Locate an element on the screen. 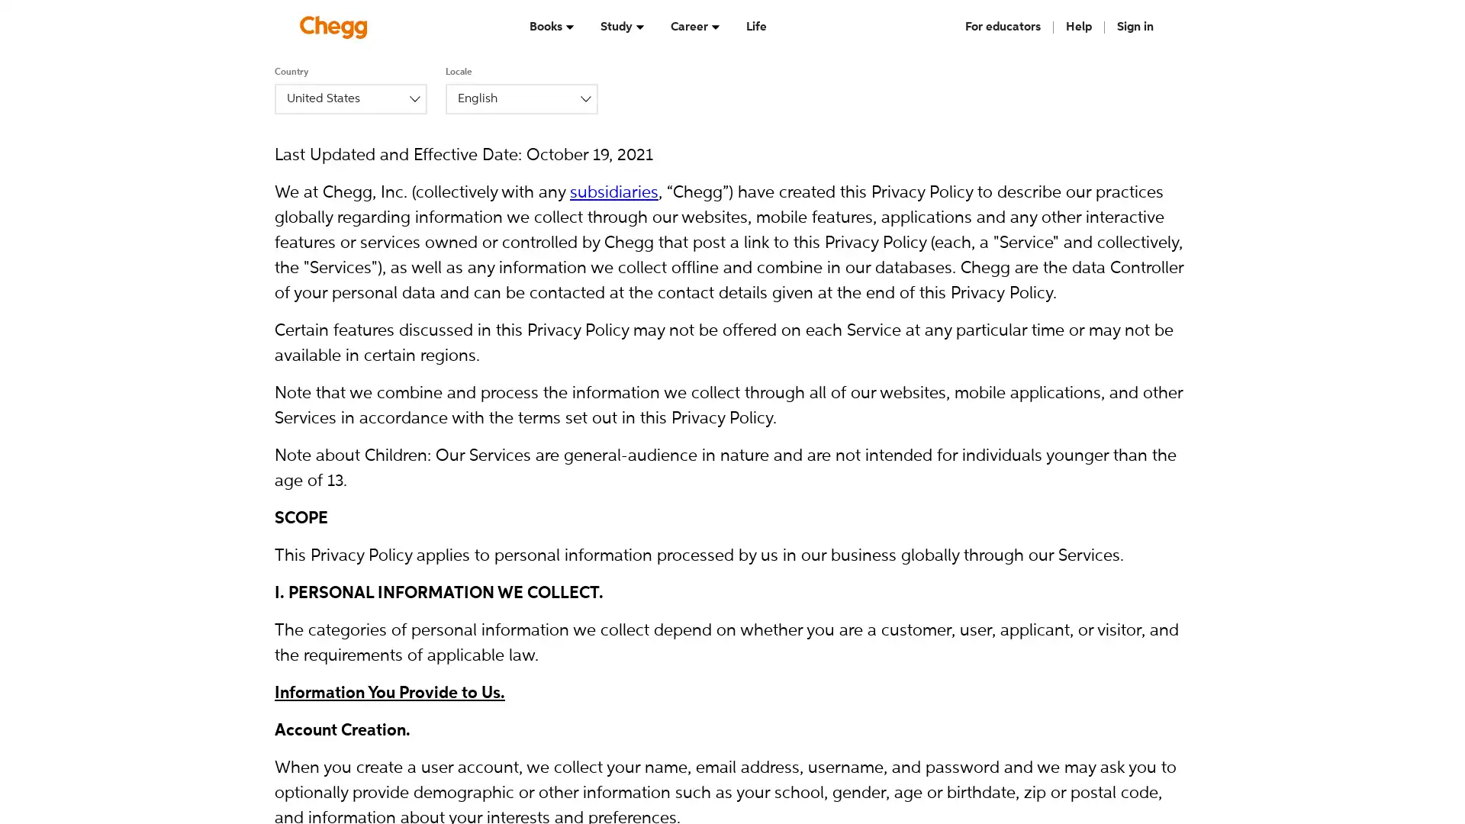  open submenu for Books is located at coordinates (569, 27).